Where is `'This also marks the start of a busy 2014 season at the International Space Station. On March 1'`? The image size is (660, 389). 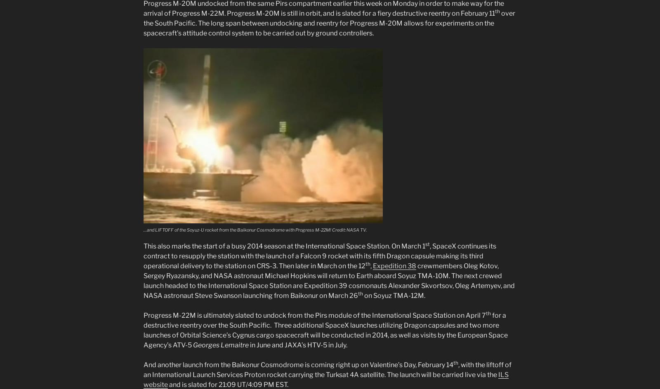 'This also marks the start of a busy 2014 season at the International Space Station. On March 1' is located at coordinates (284, 246).